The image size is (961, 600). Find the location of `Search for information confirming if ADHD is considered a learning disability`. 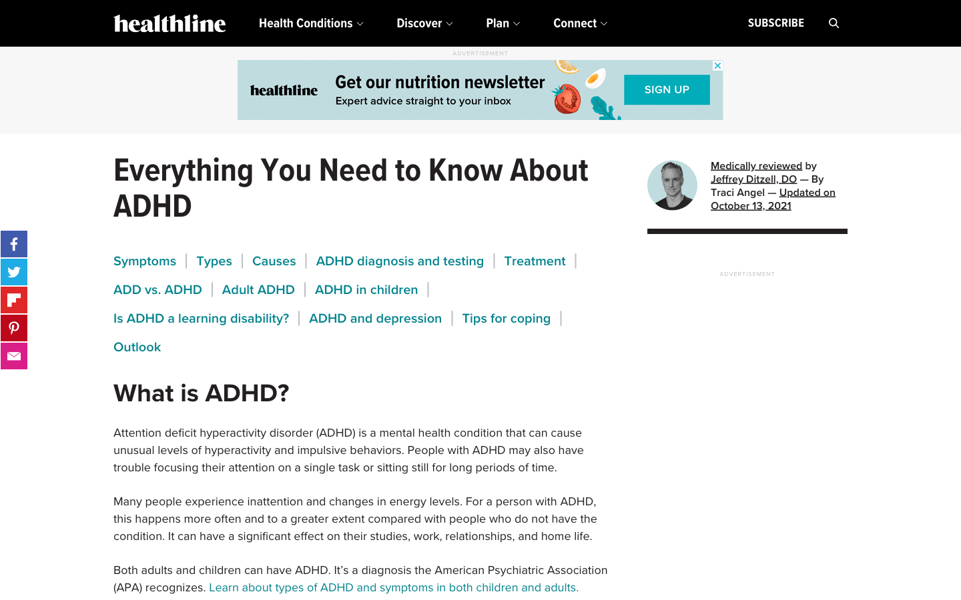

Search for information confirming if ADHD is considered a learning disability is located at coordinates (201, 317).